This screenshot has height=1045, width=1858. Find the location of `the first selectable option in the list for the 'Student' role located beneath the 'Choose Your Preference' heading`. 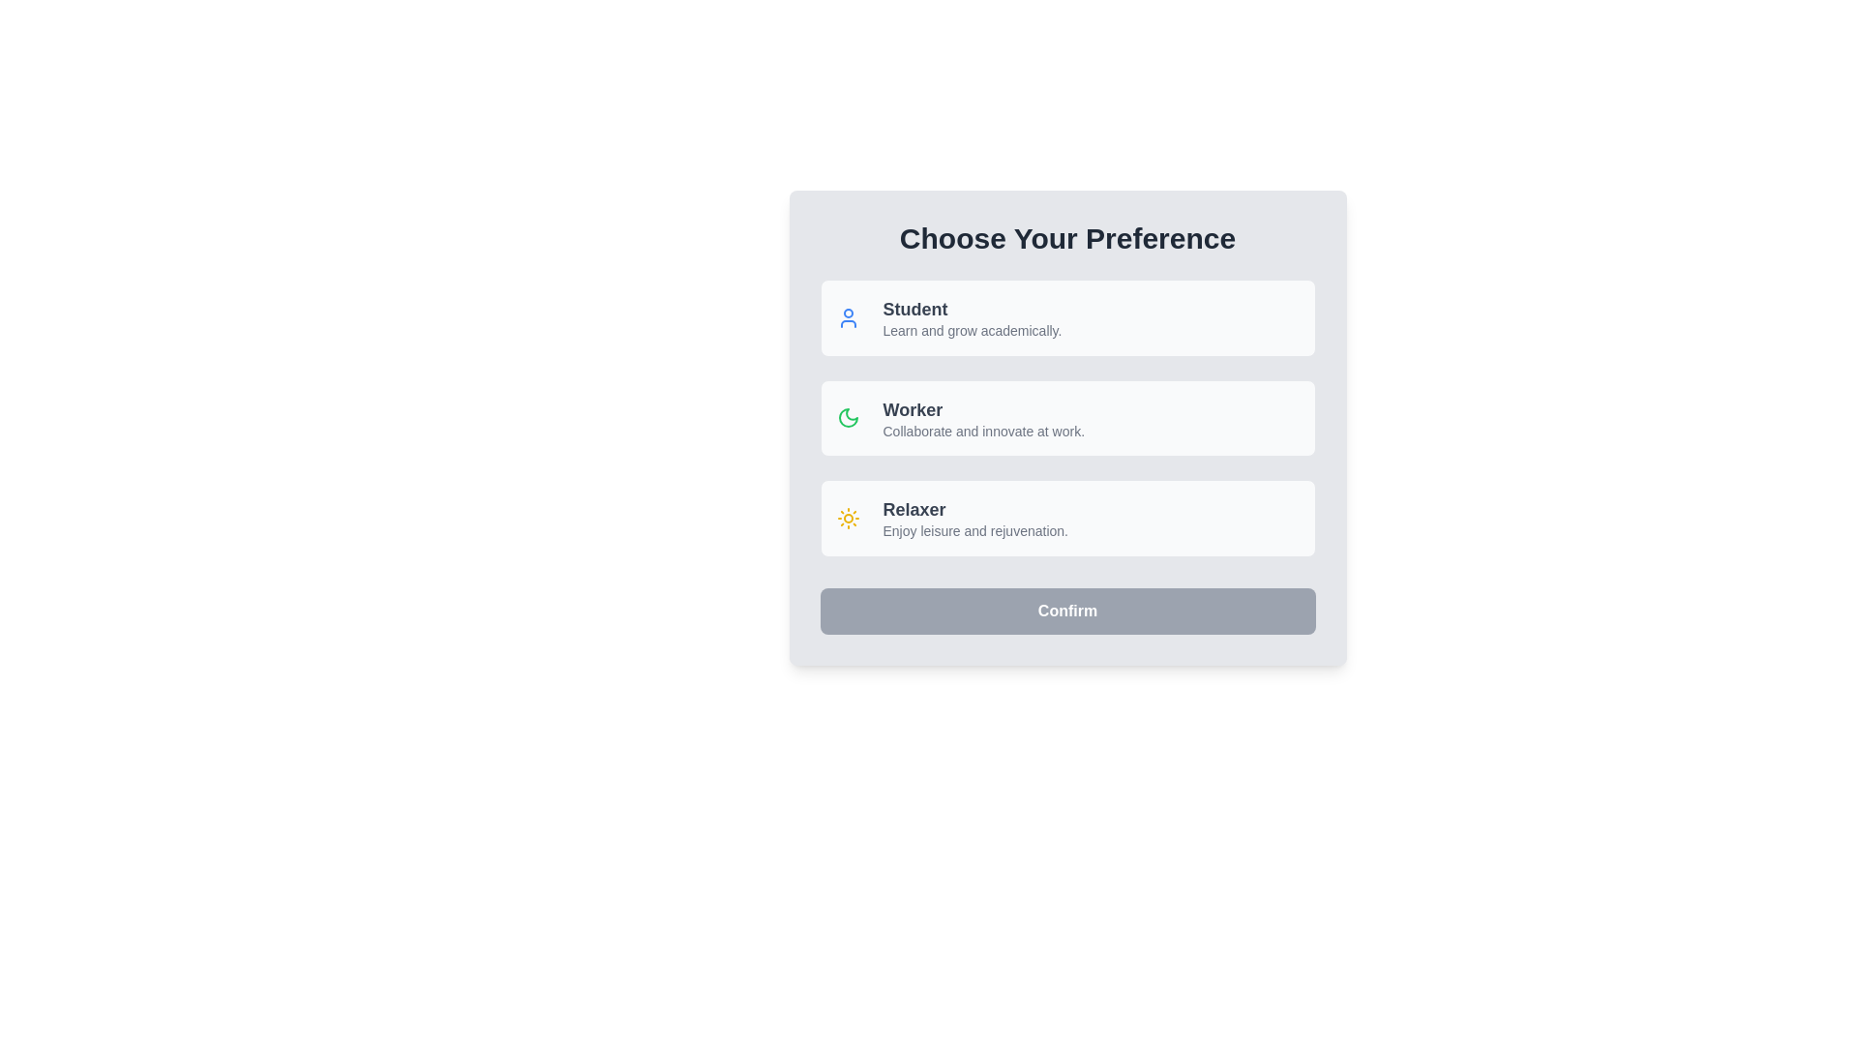

the first selectable option in the list for the 'Student' role located beneath the 'Choose Your Preference' heading is located at coordinates (948, 316).